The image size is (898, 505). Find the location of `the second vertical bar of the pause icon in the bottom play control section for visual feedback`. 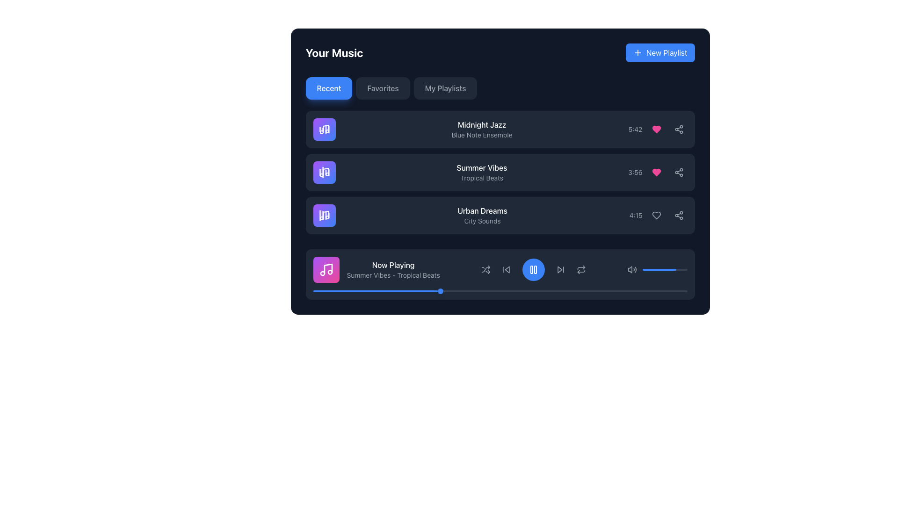

the second vertical bar of the pause icon in the bottom play control section for visual feedback is located at coordinates (536, 270).